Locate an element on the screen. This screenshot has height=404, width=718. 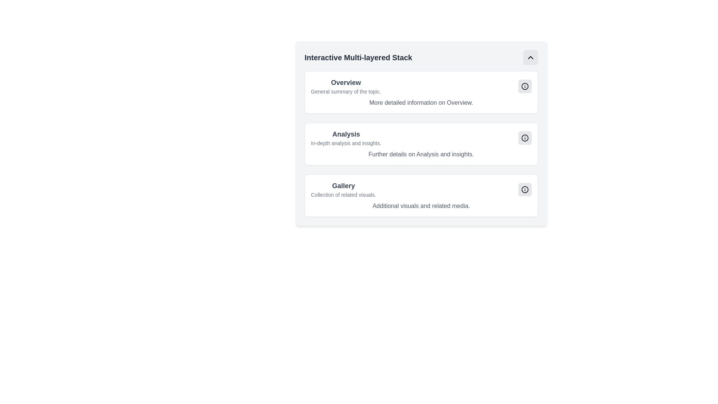
the icon located in the top-right corner of the 'Analysis' section is located at coordinates (524, 138).